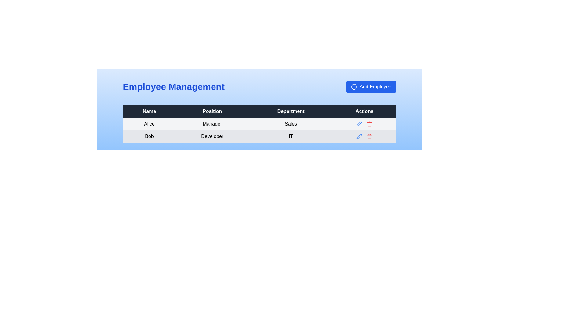  I want to click on the 'Add Employee' button located at the upper-right corner of the section, adjacent to the 'Employee Management' title, so click(371, 87).